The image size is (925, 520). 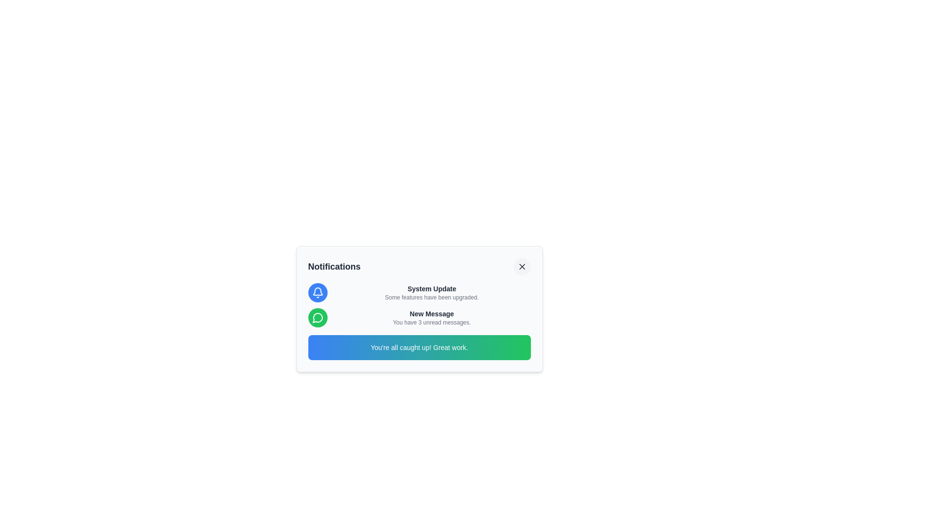 What do you see at coordinates (419, 292) in the screenshot?
I see `the first notification item displaying a bell icon with a blue circular background and the title 'System Update' followed by descriptive text 'Some features have been upgraded.'` at bounding box center [419, 292].